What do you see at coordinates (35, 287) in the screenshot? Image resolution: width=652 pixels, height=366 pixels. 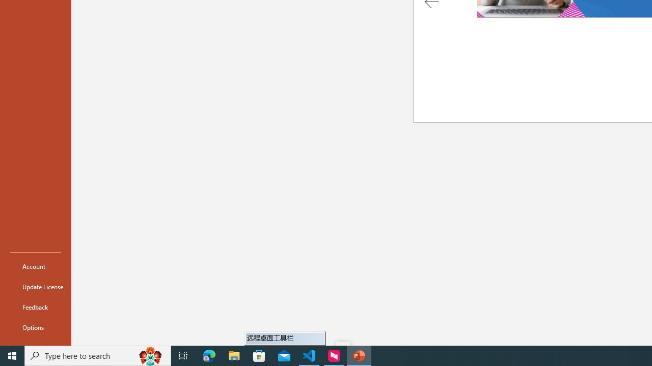 I see `'Update License'` at bounding box center [35, 287].